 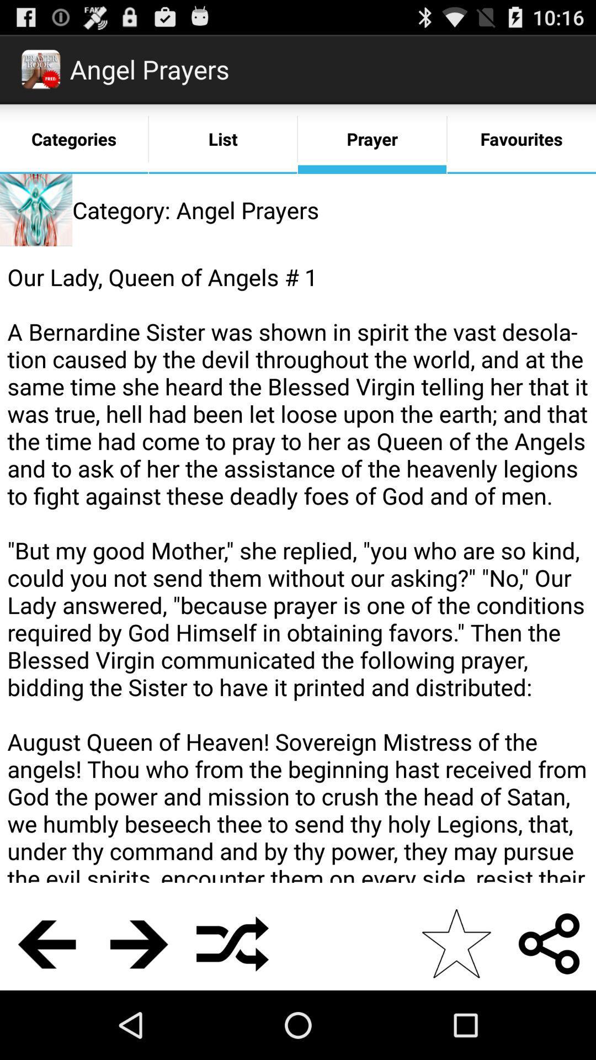 I want to click on icon at the bottom, so click(x=232, y=943).